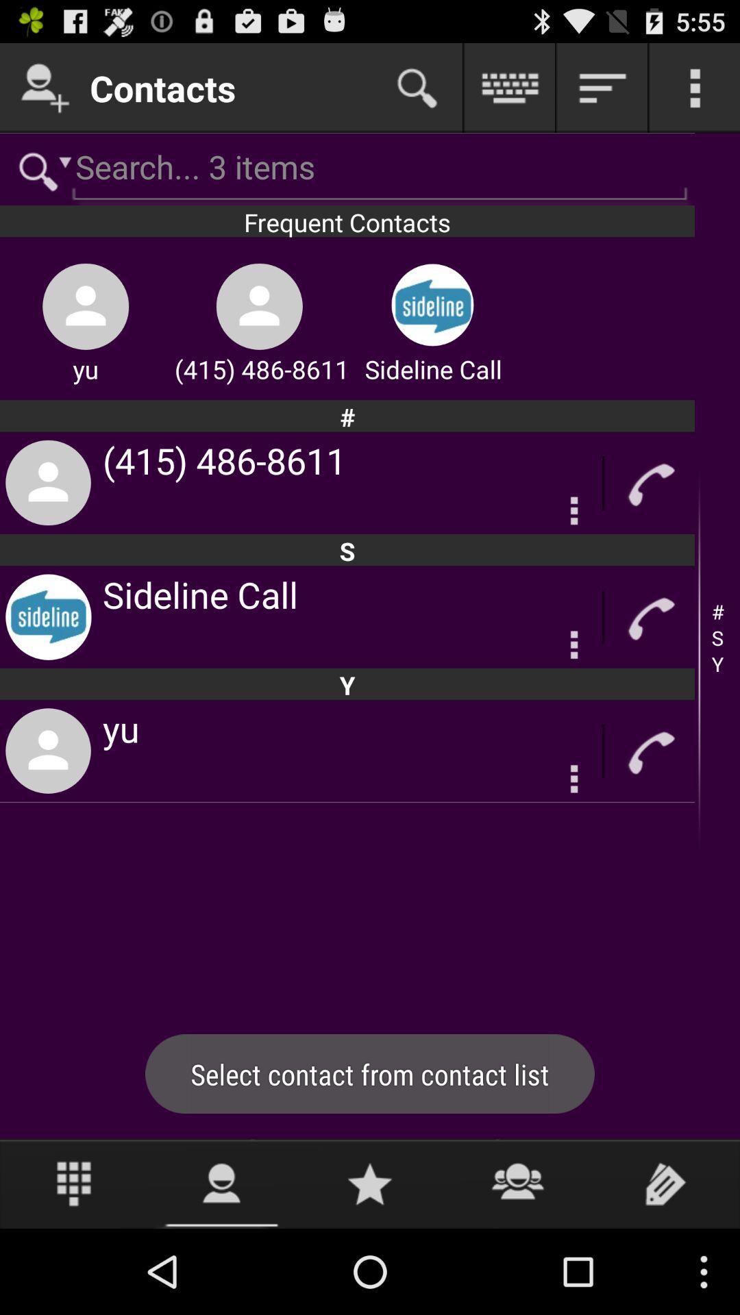 Image resolution: width=740 pixels, height=1315 pixels. Describe the element at coordinates (602, 93) in the screenshot. I see `the filter_list icon` at that location.